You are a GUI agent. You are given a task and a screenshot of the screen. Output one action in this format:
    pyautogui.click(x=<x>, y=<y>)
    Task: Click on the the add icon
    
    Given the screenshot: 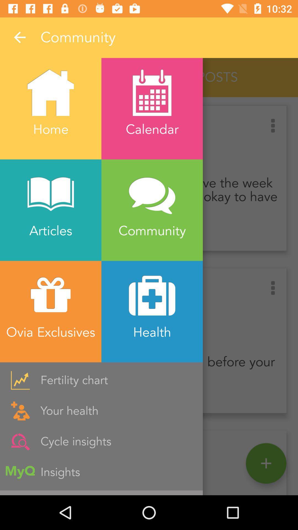 What is the action you would take?
    pyautogui.click(x=266, y=463)
    